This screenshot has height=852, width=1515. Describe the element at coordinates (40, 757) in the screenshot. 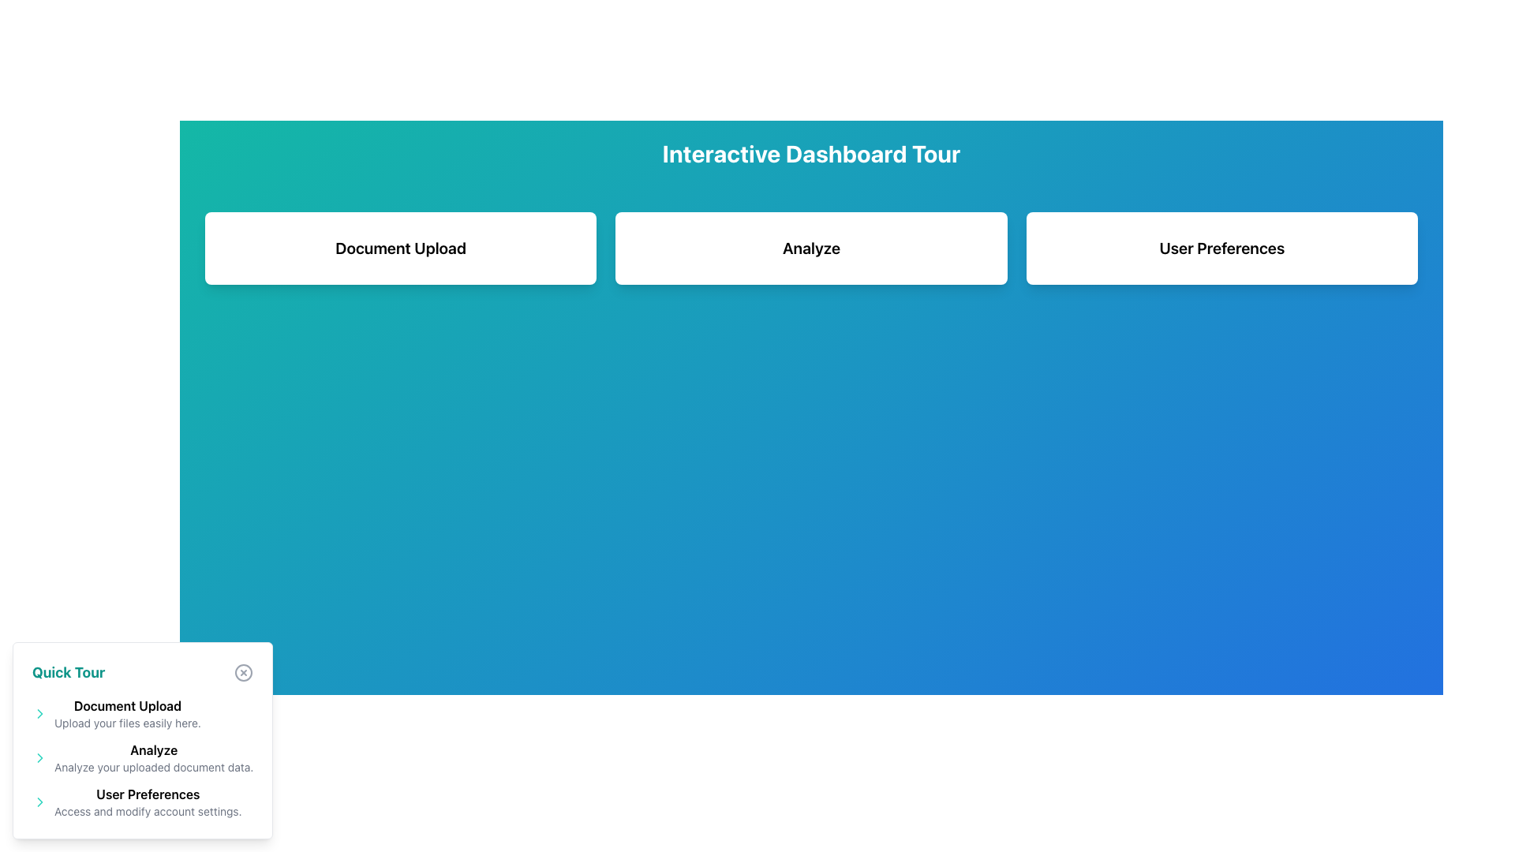

I see `the SvgIcon in the 'Quick Tour' section next to the 'Analyze' option` at that location.